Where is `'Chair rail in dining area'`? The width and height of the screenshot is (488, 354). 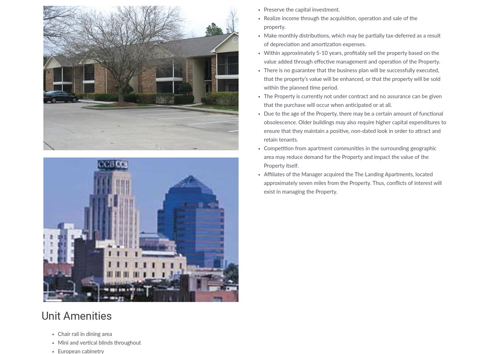 'Chair rail in dining area' is located at coordinates (57, 334).